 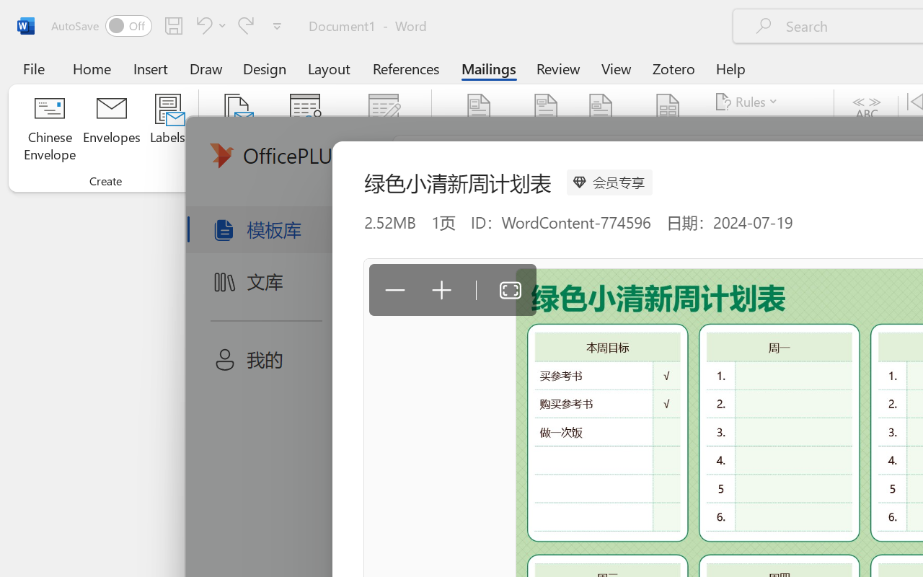 I want to click on 'Envelopes...', so click(x=111, y=129).